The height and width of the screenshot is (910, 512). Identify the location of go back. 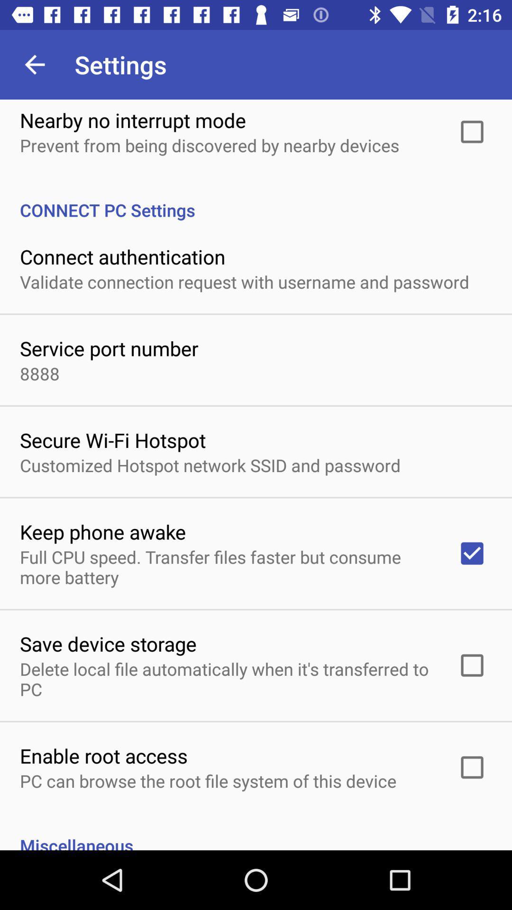
(34, 64).